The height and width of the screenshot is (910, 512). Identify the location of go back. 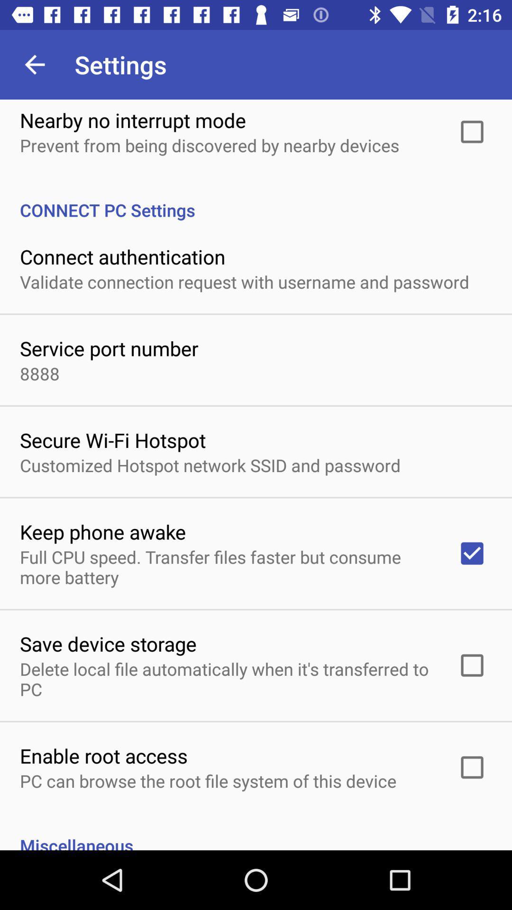
(34, 64).